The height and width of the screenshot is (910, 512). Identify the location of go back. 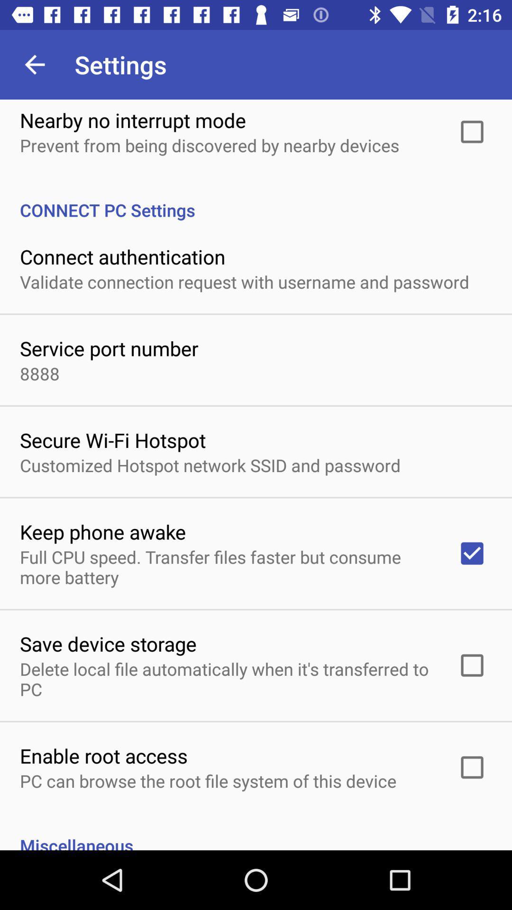
(34, 64).